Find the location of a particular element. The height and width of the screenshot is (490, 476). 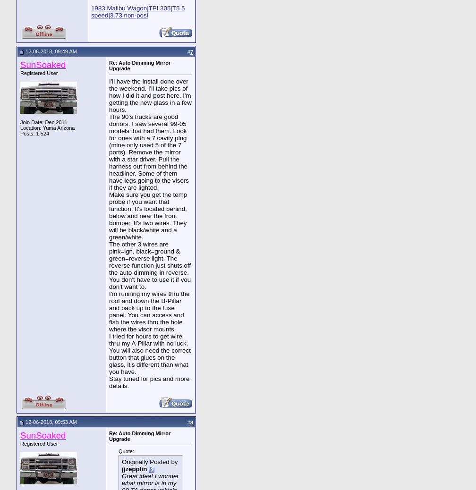

'8' is located at coordinates (189, 422).